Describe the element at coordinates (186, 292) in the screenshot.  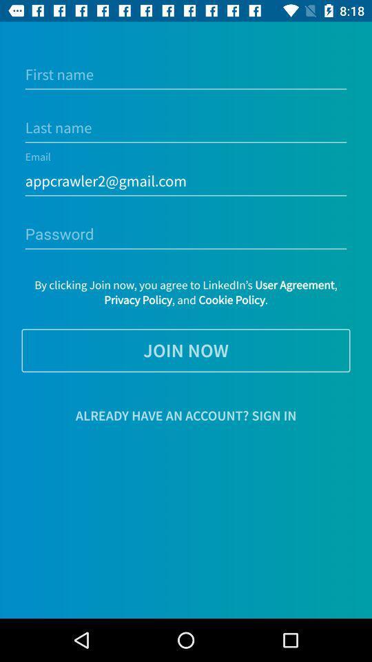
I see `item above the join now item` at that location.